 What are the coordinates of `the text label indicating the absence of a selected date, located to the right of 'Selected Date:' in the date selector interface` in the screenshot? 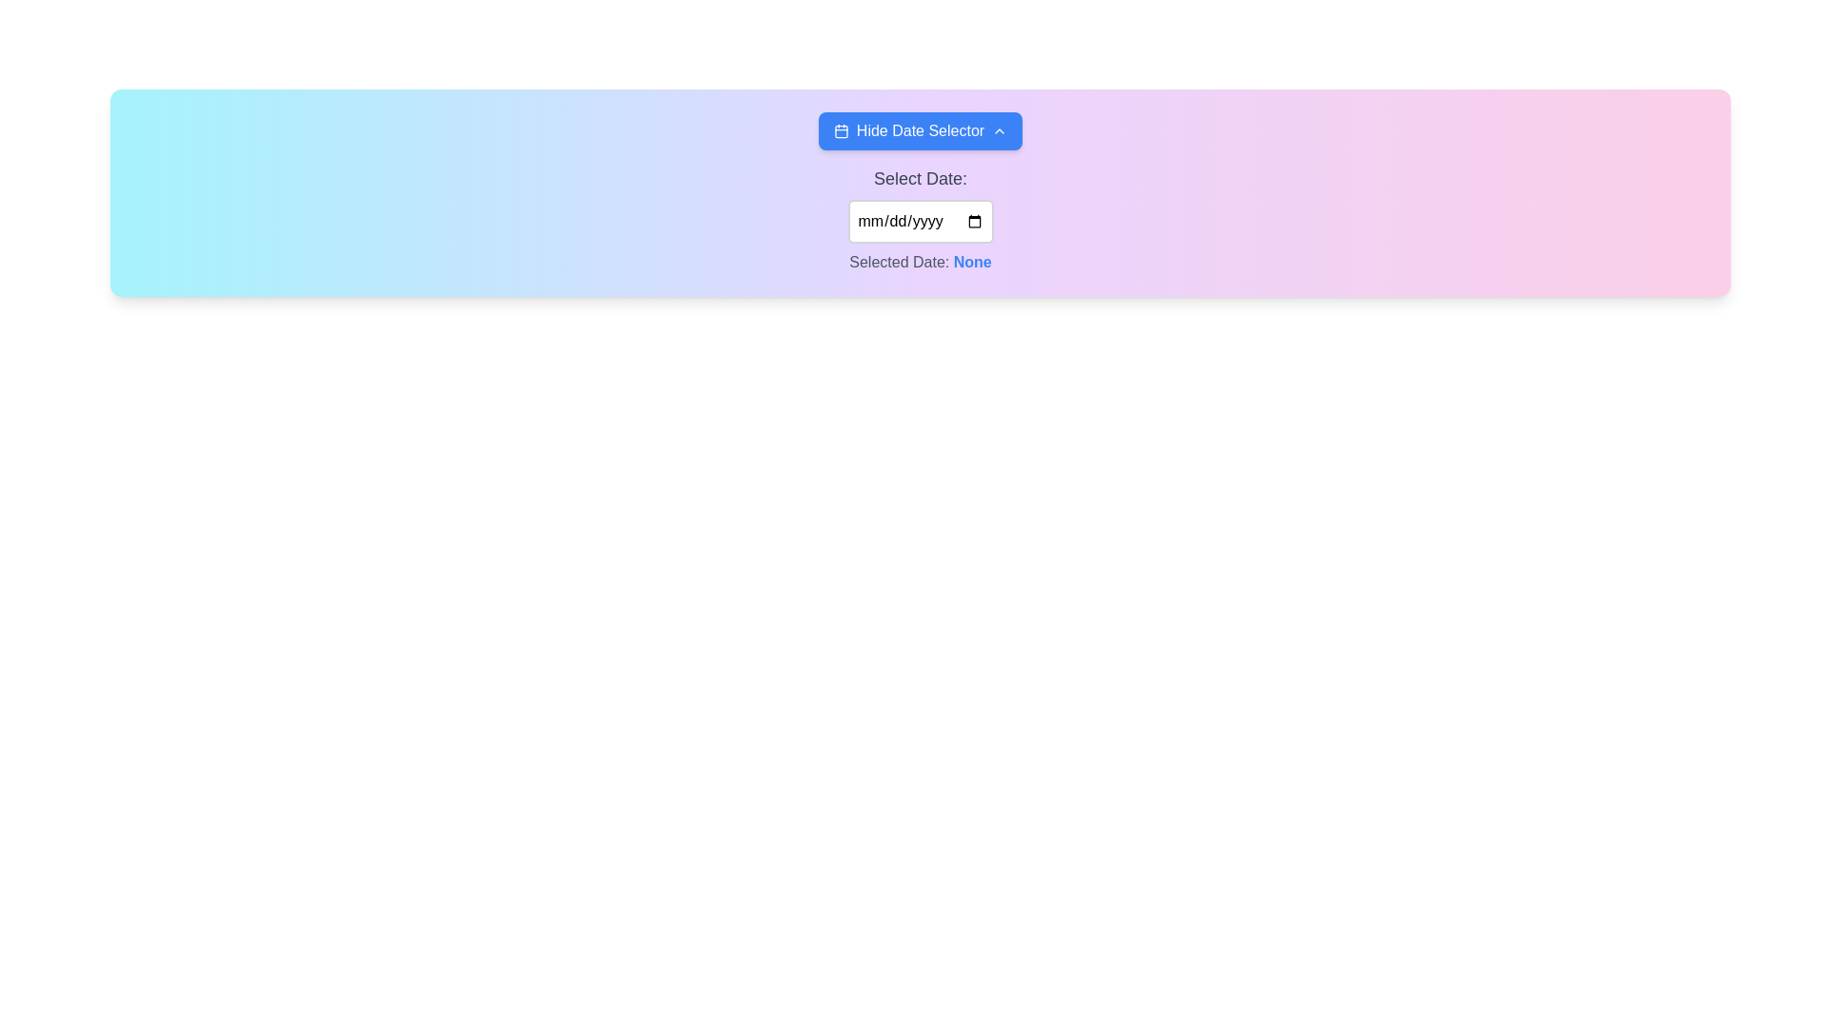 It's located at (972, 262).